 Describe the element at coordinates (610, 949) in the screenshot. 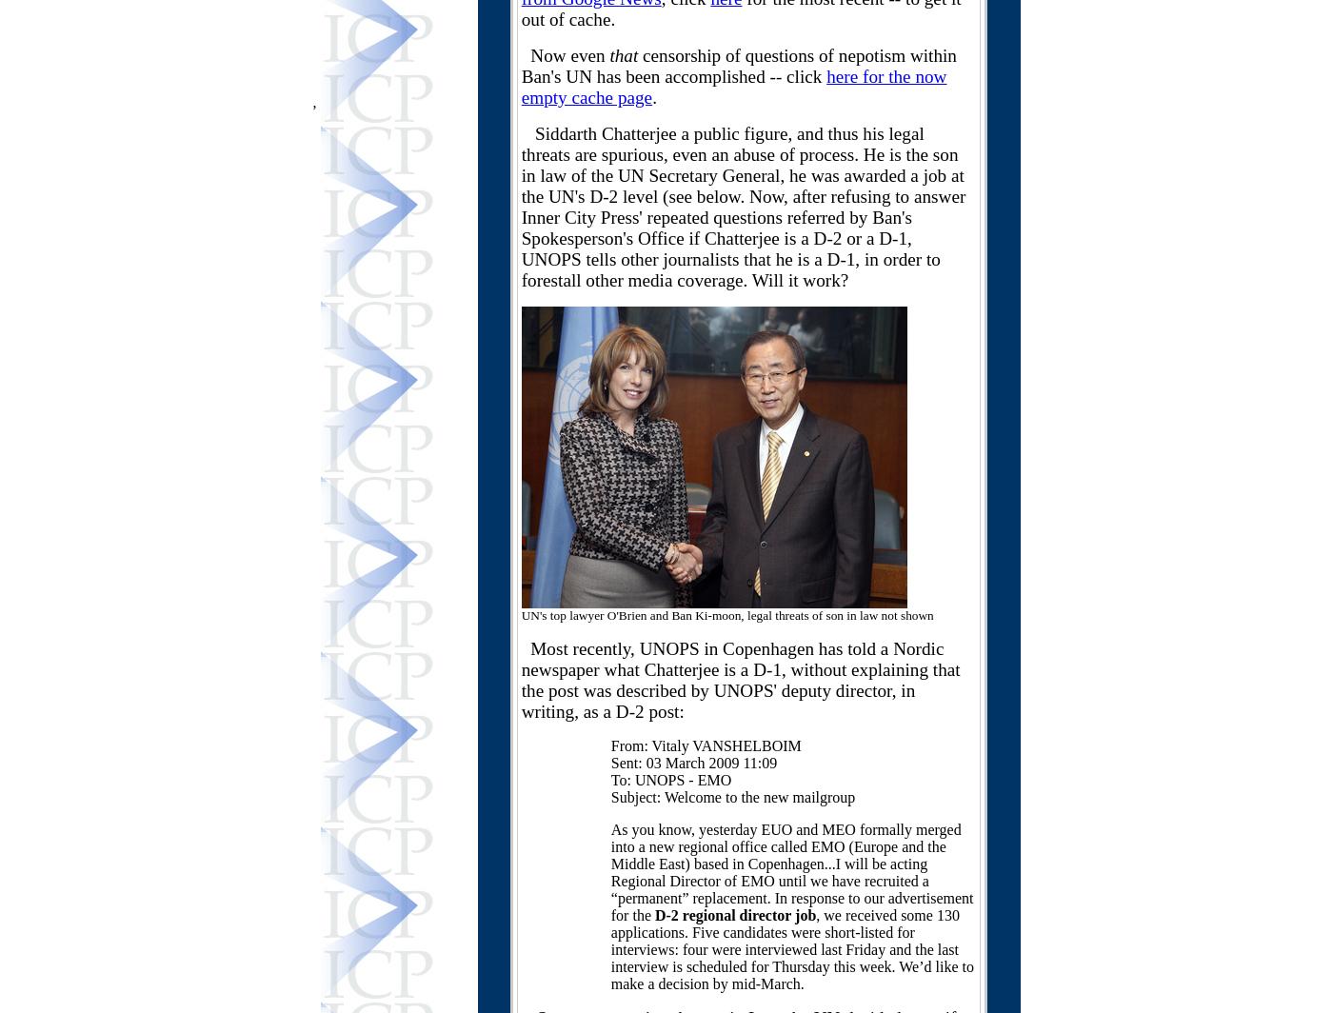

I see `', we received some 130
applications. Five candidates were short-listed for interviews: four
were interviewed last Friday and the last interview is scheduled for
Thursday this week. We’d like to make a decision by mid-March.'` at that location.